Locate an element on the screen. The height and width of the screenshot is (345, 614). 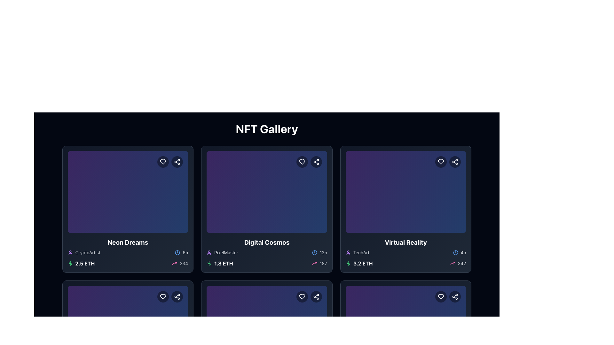
the numeric text element displaying '187', which is styled in gray and located below the top-right corner of the 'Digital Cosmos' card, to the right of a pink upward-trending graph icon is located at coordinates (323, 264).